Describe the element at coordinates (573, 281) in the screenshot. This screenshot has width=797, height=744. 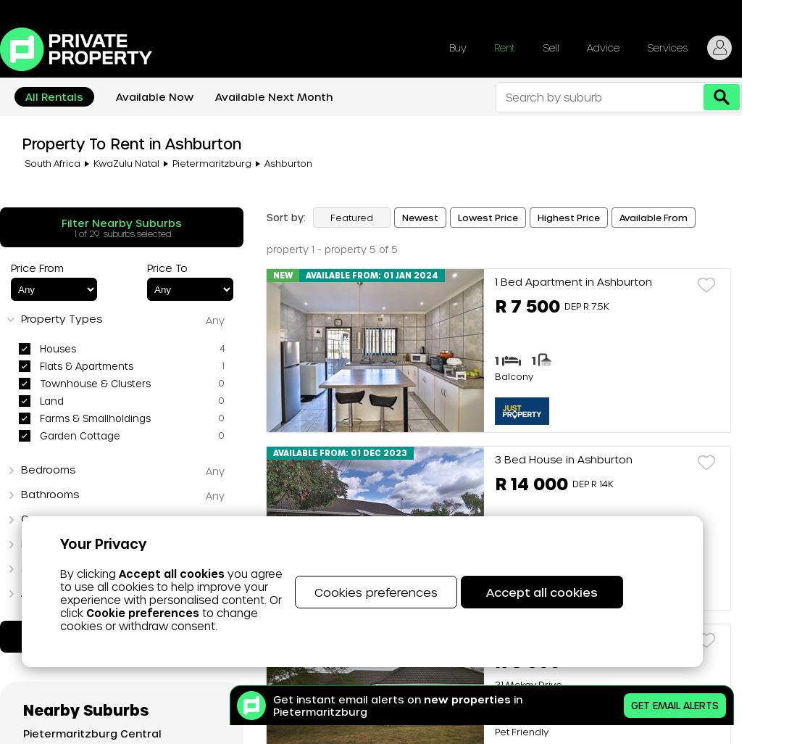
I see `'1 Bed Apartment in Ashburton'` at that location.